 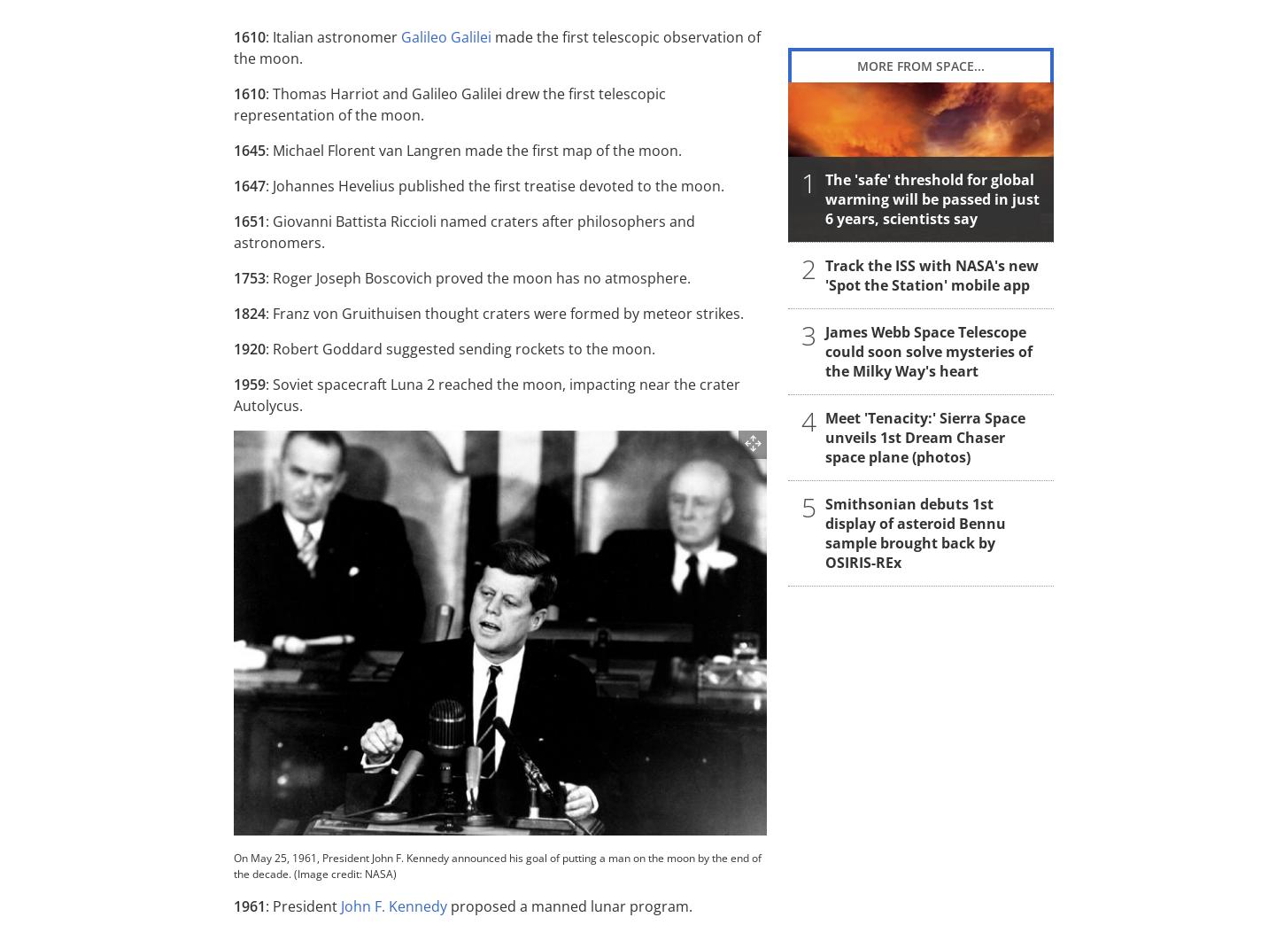 I want to click on '1', so click(x=808, y=182).